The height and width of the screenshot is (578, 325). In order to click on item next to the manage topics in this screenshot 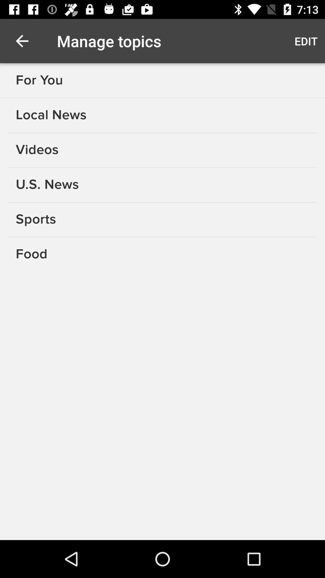, I will do `click(306, 41)`.